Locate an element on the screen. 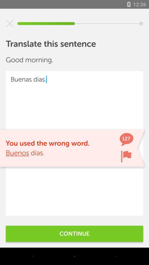 Image resolution: width=149 pixels, height=265 pixels. flag is located at coordinates (126, 156).